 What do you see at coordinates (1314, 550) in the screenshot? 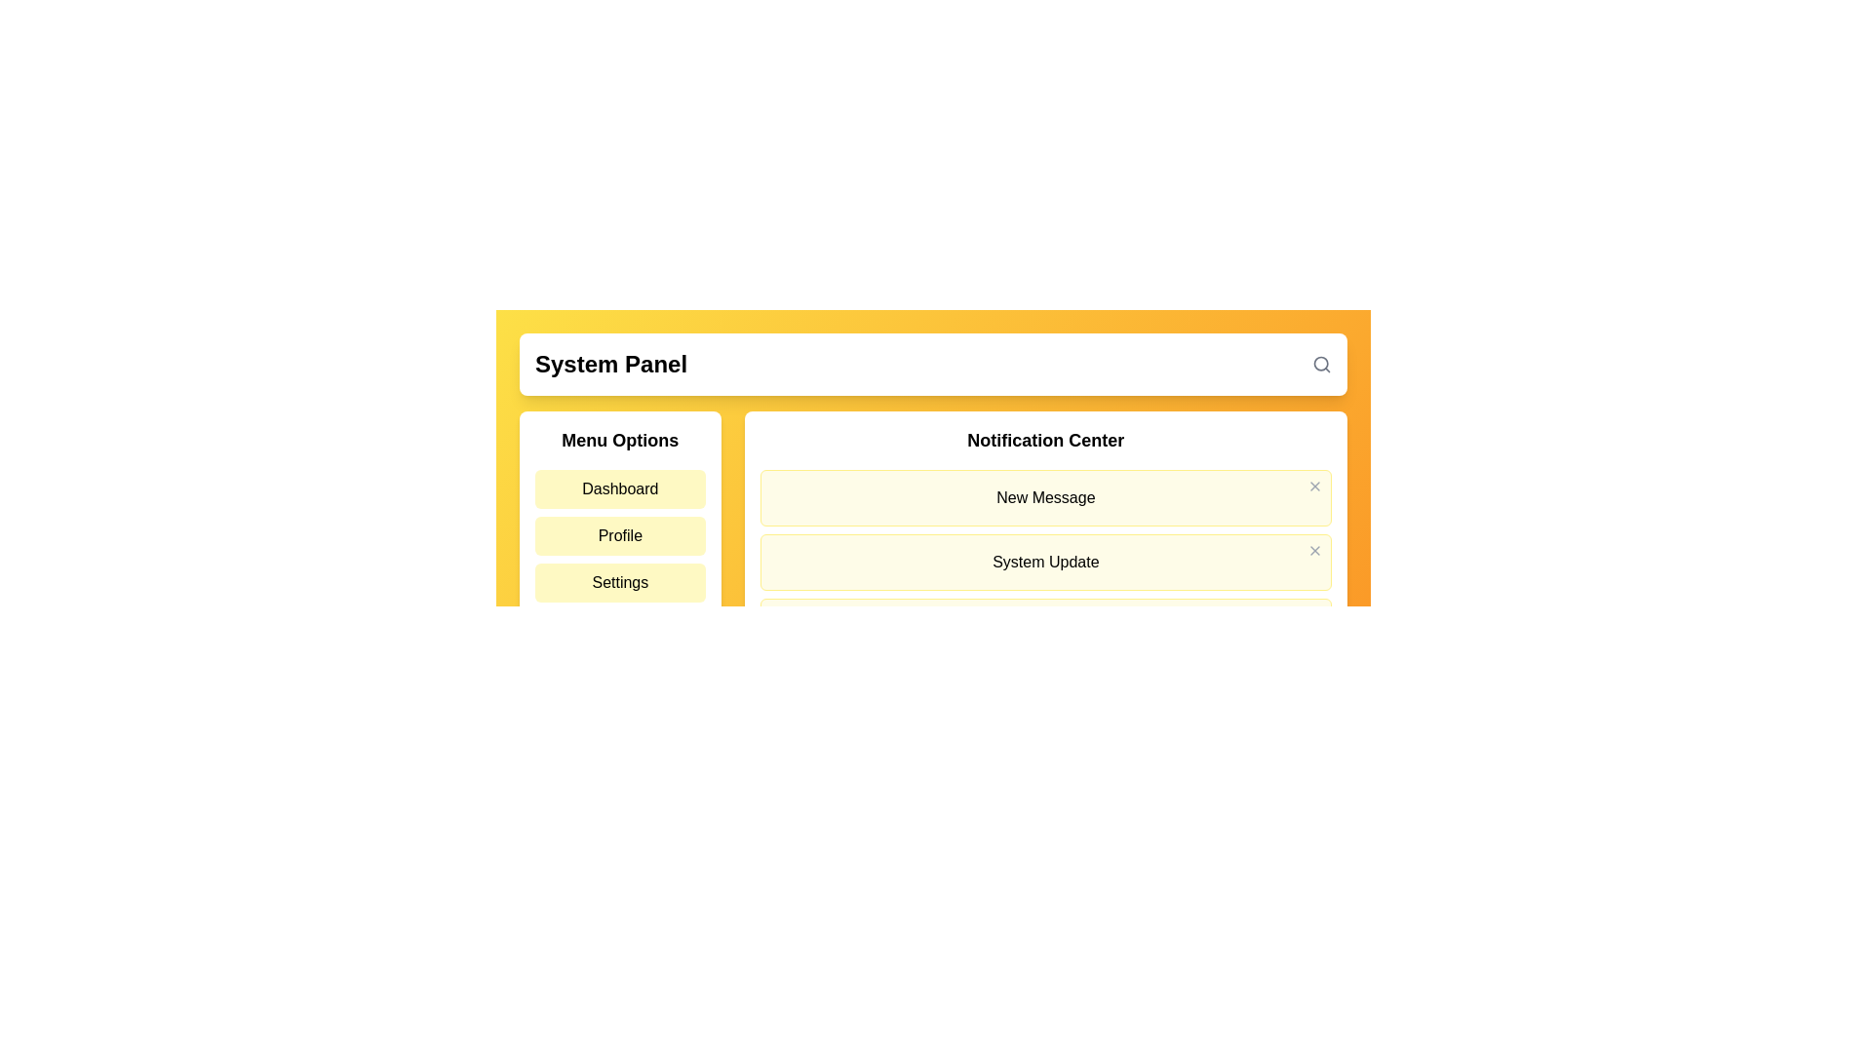
I see `the small 'close' button styled as an 'X' located at the top-right corner of the 'System Update' notification card to change its color` at bounding box center [1314, 550].